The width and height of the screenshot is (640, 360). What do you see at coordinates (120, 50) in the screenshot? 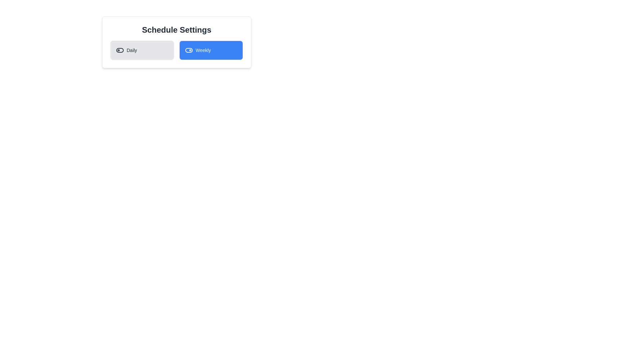
I see `the toggle switch base located under the 'Daily' option label` at bounding box center [120, 50].